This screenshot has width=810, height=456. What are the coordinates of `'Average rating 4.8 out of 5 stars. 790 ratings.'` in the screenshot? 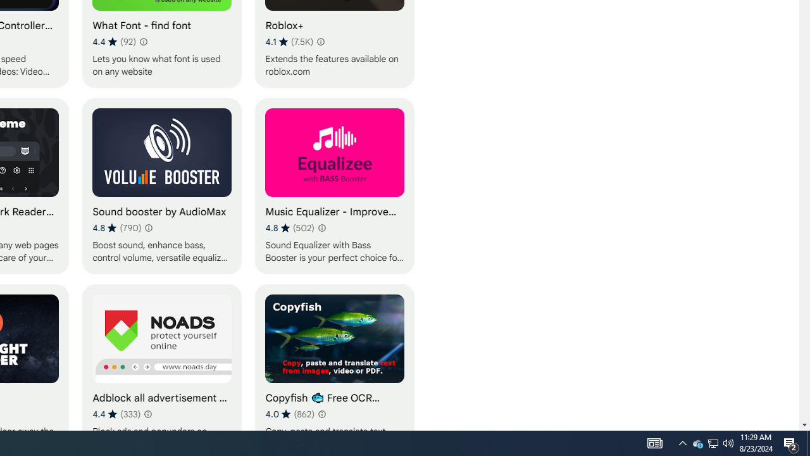 It's located at (116, 228).